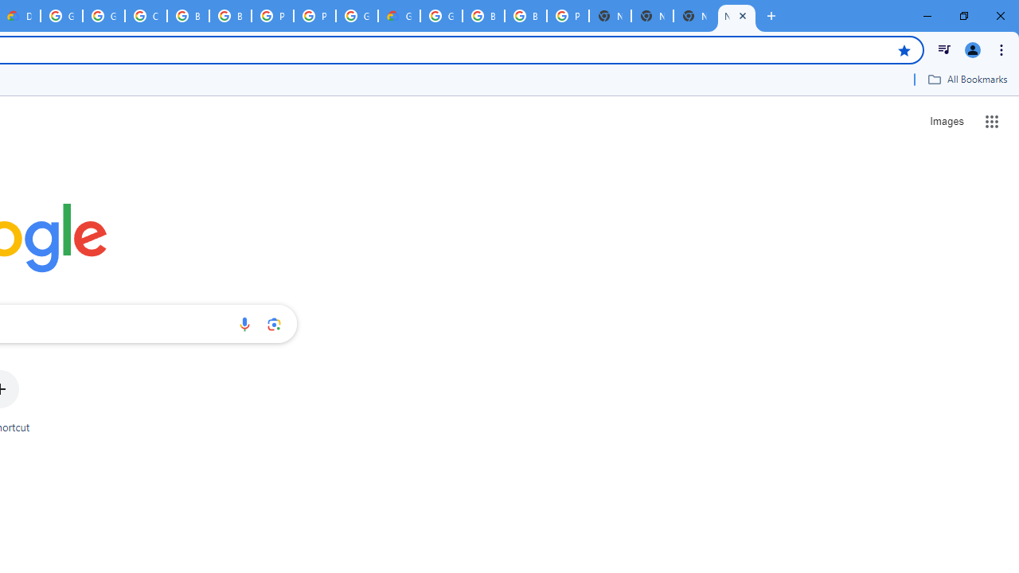 Image resolution: width=1019 pixels, height=573 pixels. Describe the element at coordinates (274, 323) in the screenshot. I see `'Search by image'` at that location.